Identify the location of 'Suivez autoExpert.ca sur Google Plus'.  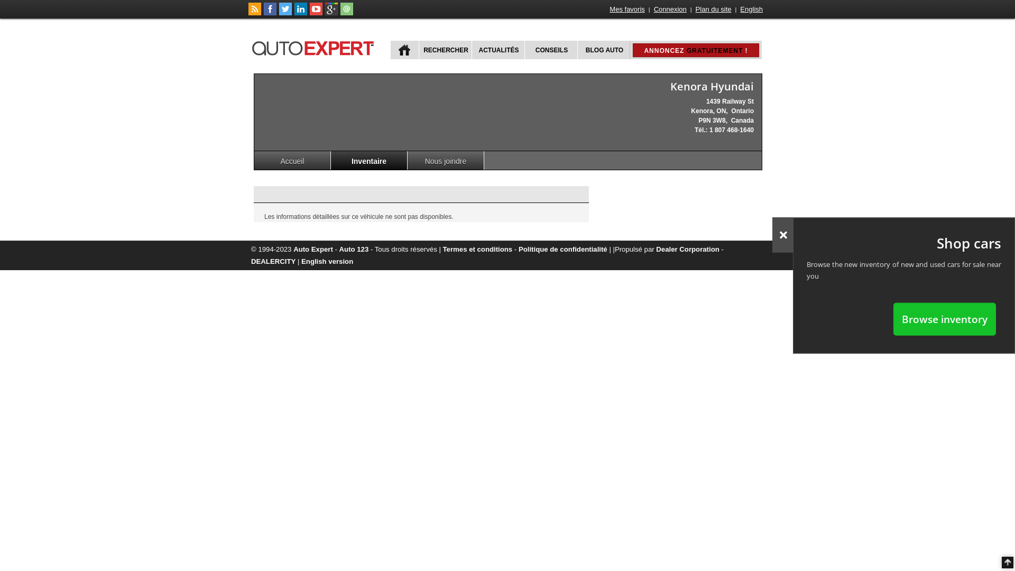
(331, 13).